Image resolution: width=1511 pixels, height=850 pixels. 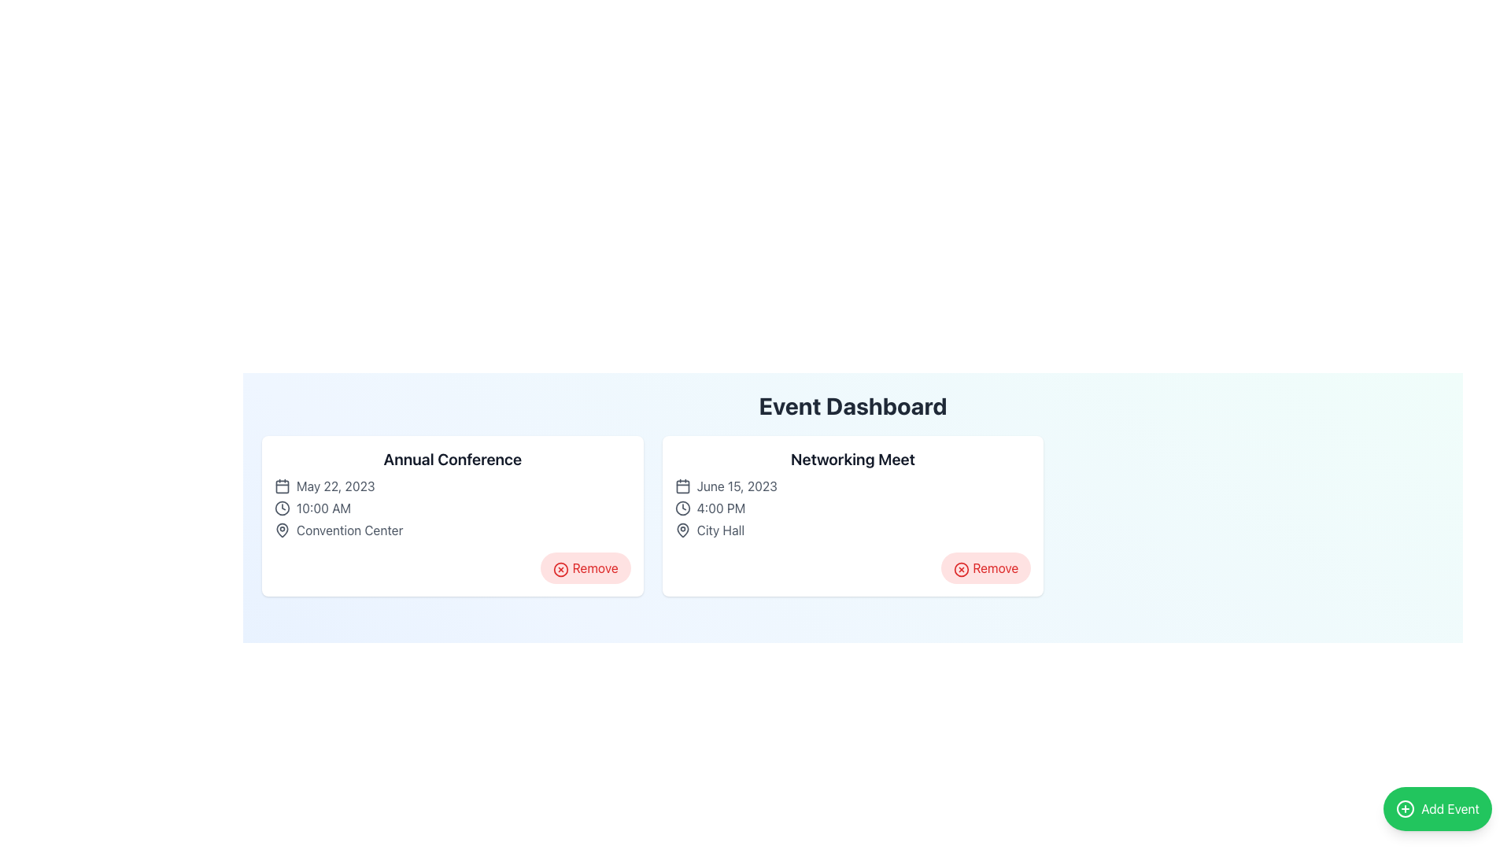 I want to click on the map pin icon located at the bottom of the 'Networking Meet' card, which indicates the location 'City Hall', so click(x=682, y=530).